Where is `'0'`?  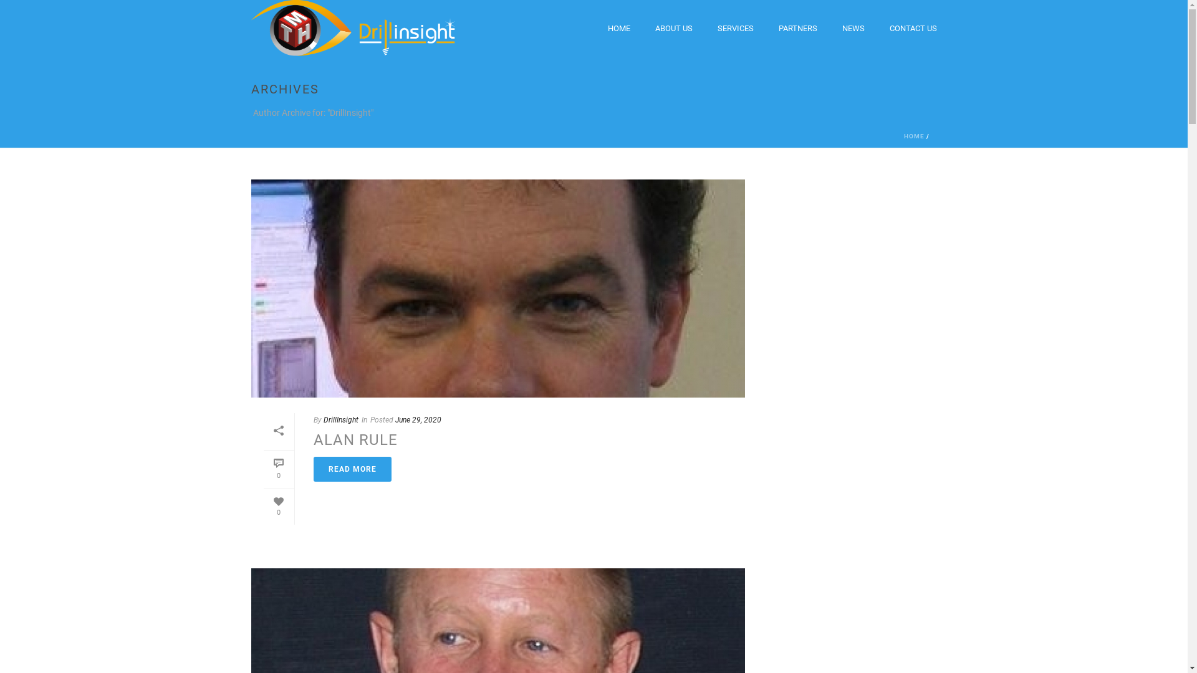
'0' is located at coordinates (277, 507).